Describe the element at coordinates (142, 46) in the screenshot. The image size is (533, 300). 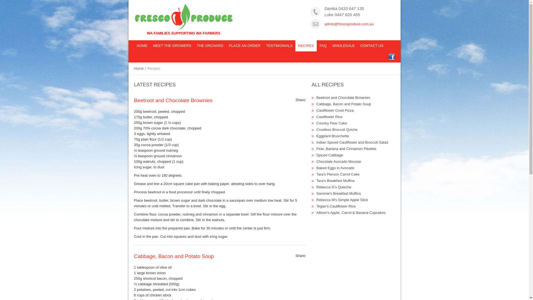
I see `'HOME'` at that location.